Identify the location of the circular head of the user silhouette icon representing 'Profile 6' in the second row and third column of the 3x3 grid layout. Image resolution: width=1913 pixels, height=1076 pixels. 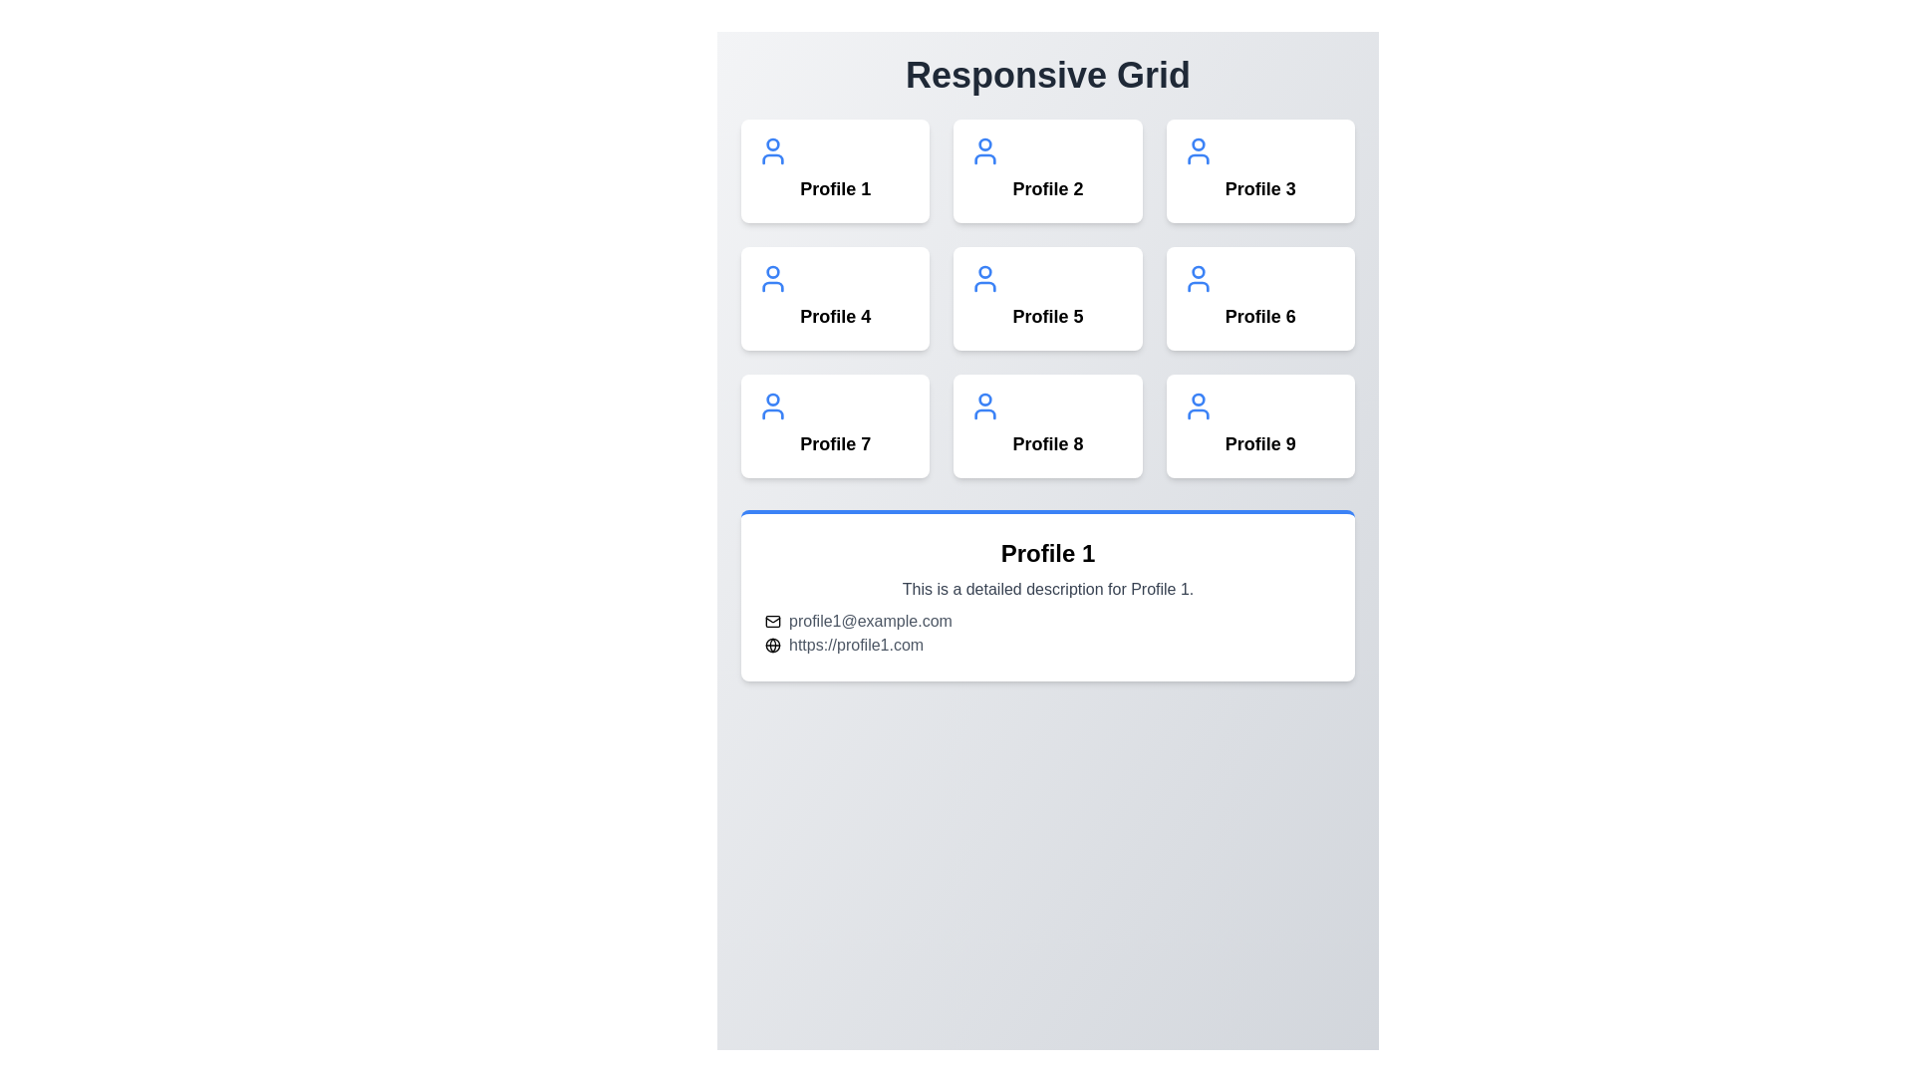
(1197, 272).